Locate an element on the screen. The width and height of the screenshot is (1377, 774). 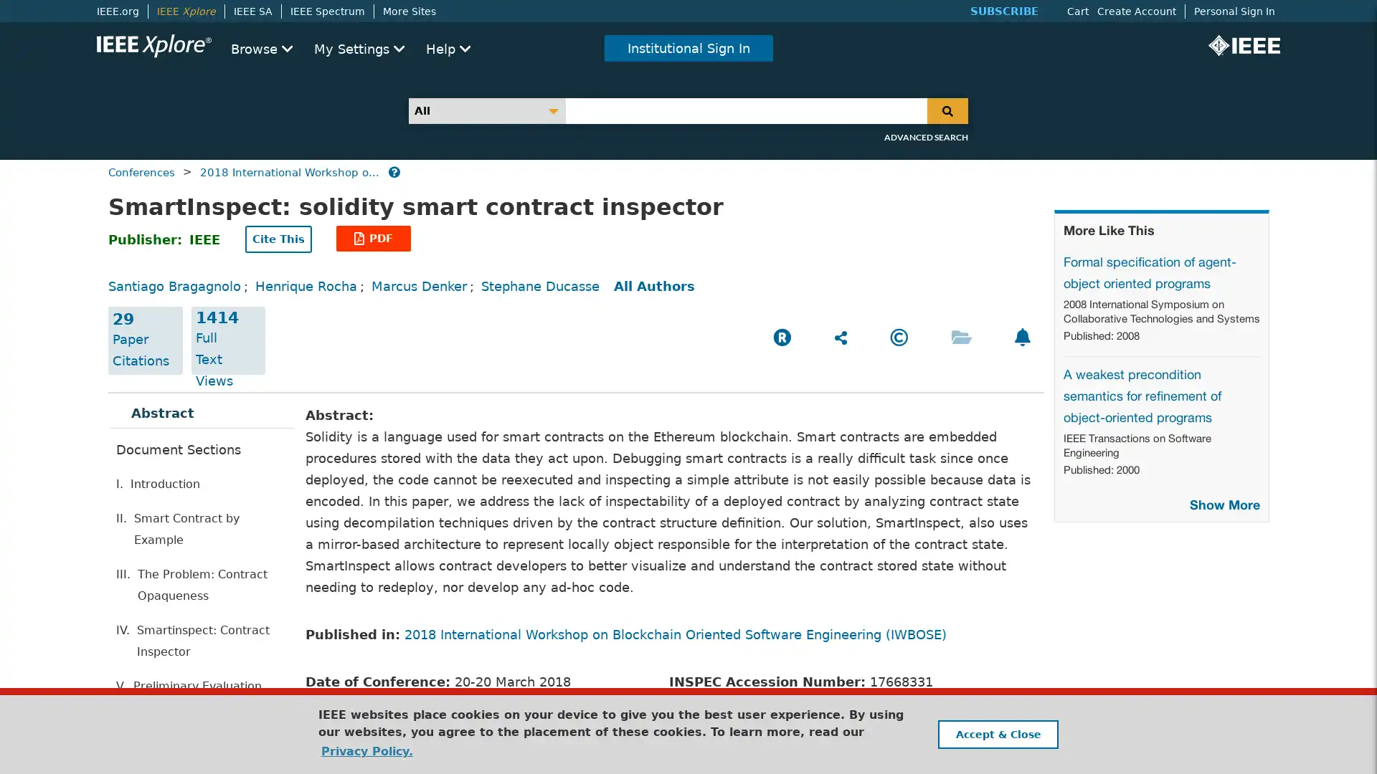
Show Full Outline is located at coordinates (174, 715).